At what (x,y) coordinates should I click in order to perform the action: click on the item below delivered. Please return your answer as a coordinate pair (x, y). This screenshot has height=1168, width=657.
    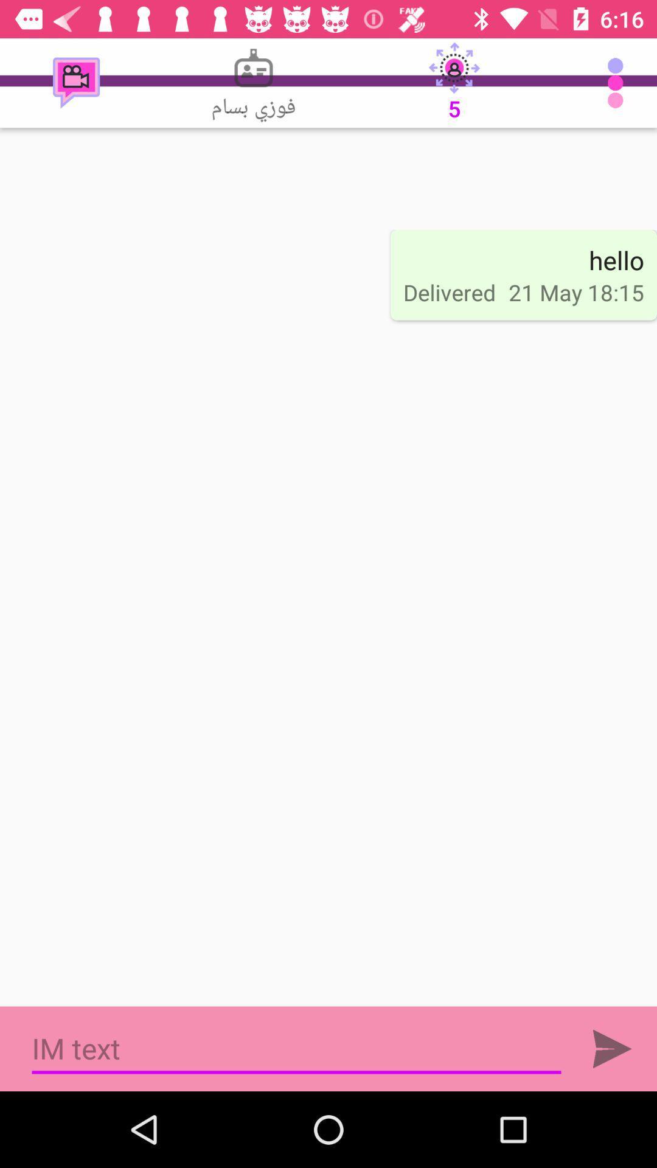
    Looking at the image, I should click on (296, 1048).